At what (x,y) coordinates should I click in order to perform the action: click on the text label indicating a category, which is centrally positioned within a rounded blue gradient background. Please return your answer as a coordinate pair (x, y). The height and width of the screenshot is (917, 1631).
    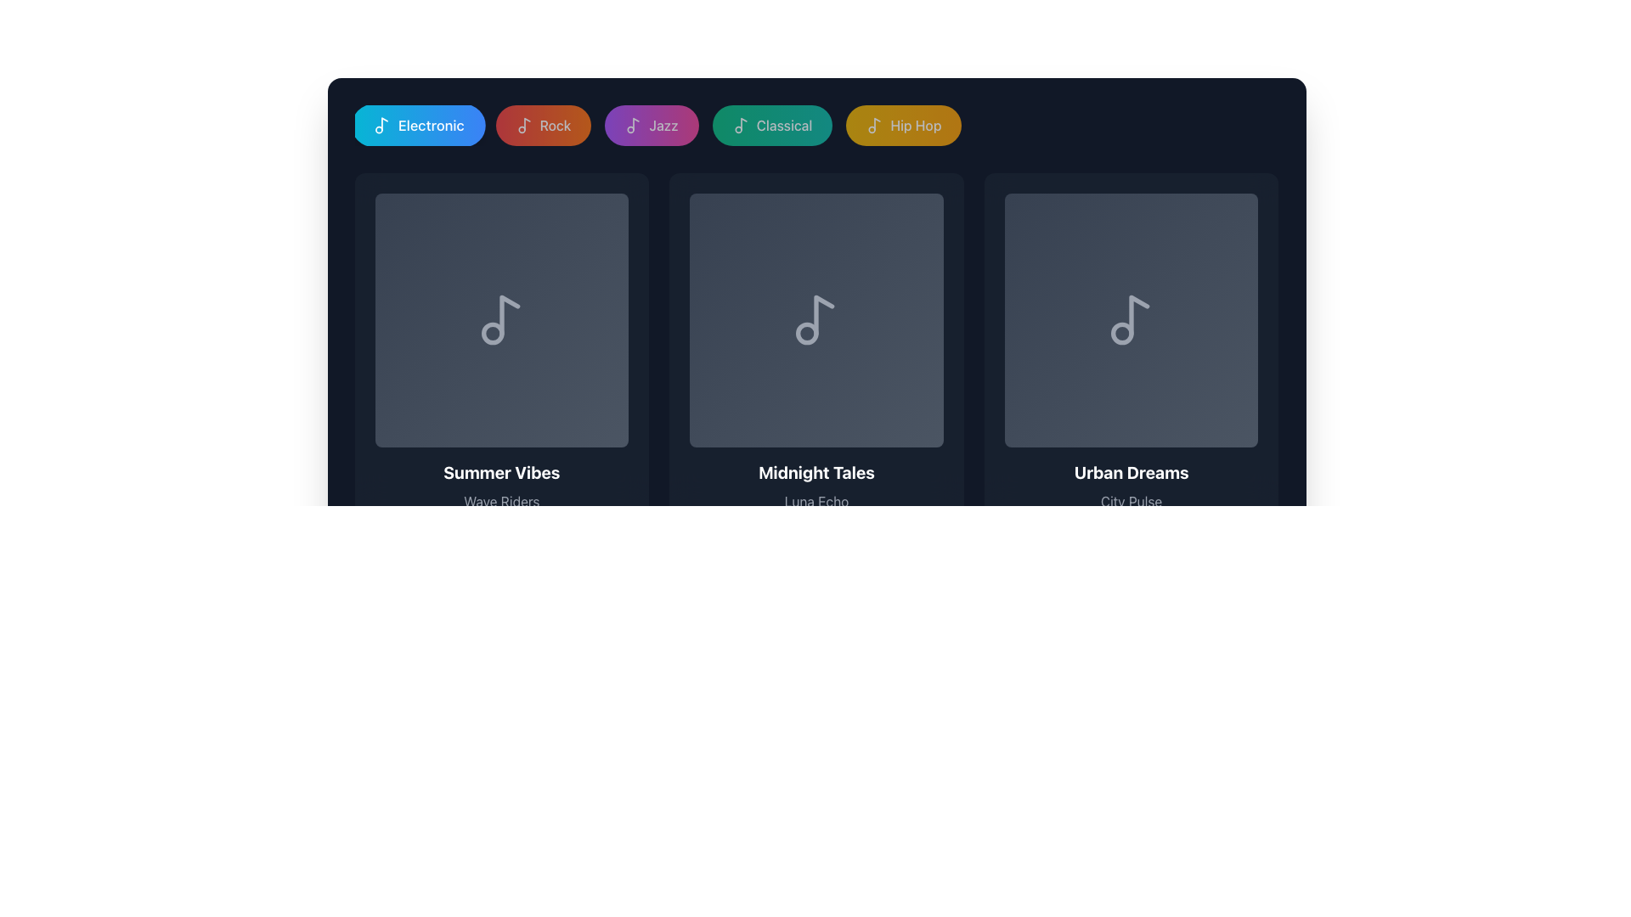
    Looking at the image, I should click on (431, 124).